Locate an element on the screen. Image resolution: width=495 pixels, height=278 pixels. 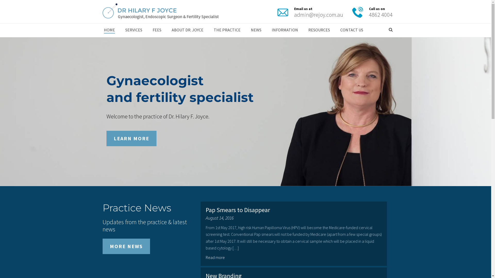
'Read more' is located at coordinates (216, 257).